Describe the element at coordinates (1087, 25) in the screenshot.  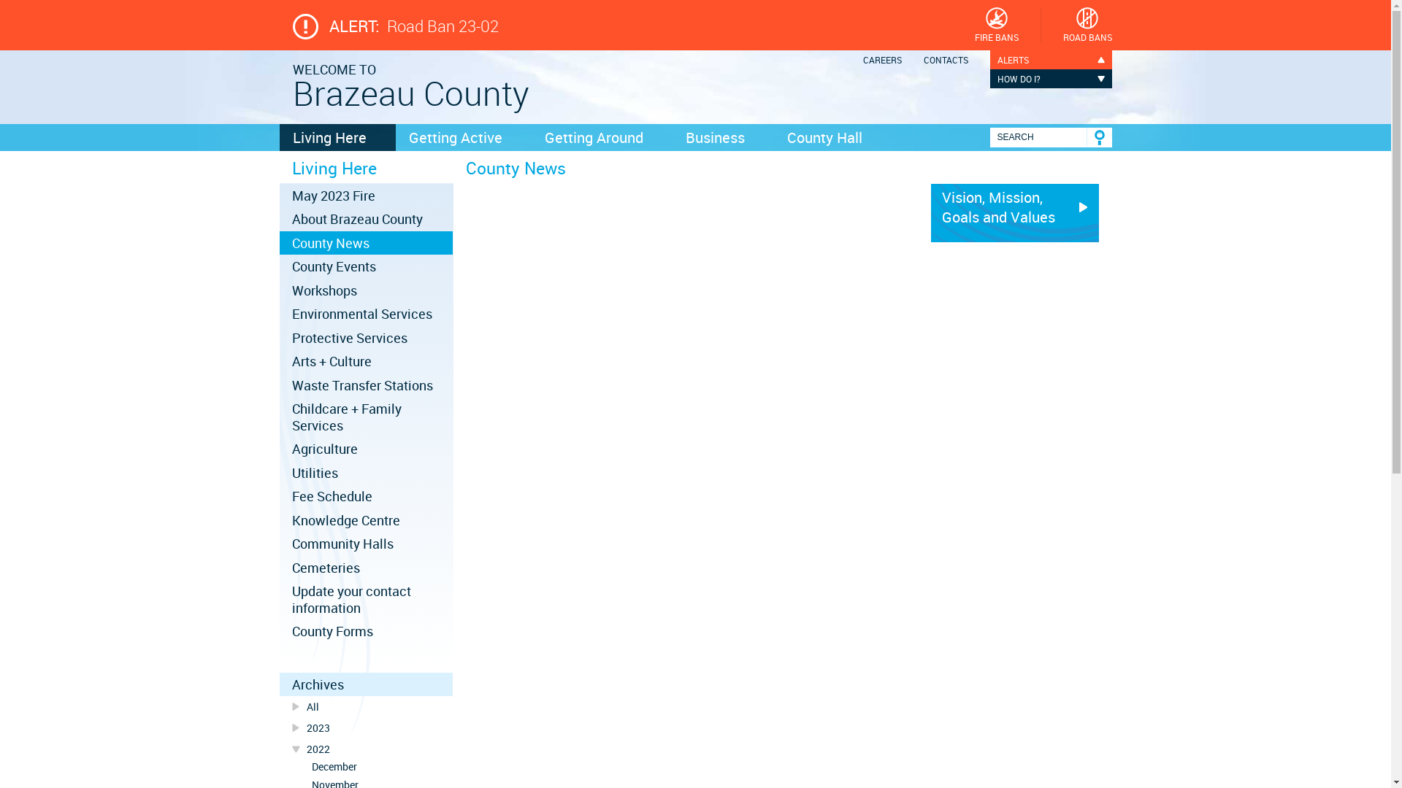
I see `'ROAD BANS'` at that location.